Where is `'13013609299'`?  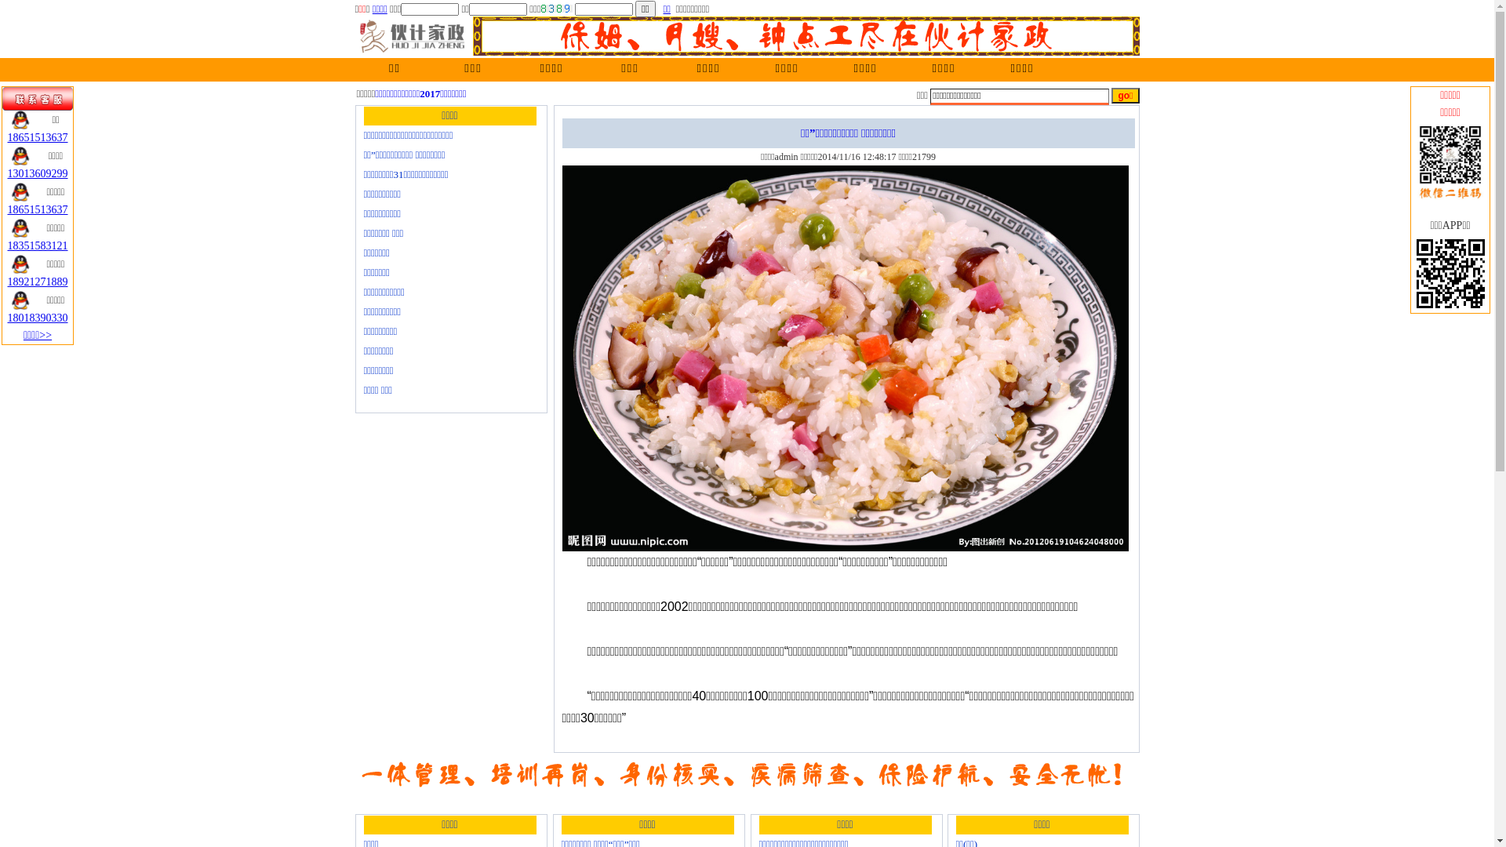
'13013609299' is located at coordinates (7, 173).